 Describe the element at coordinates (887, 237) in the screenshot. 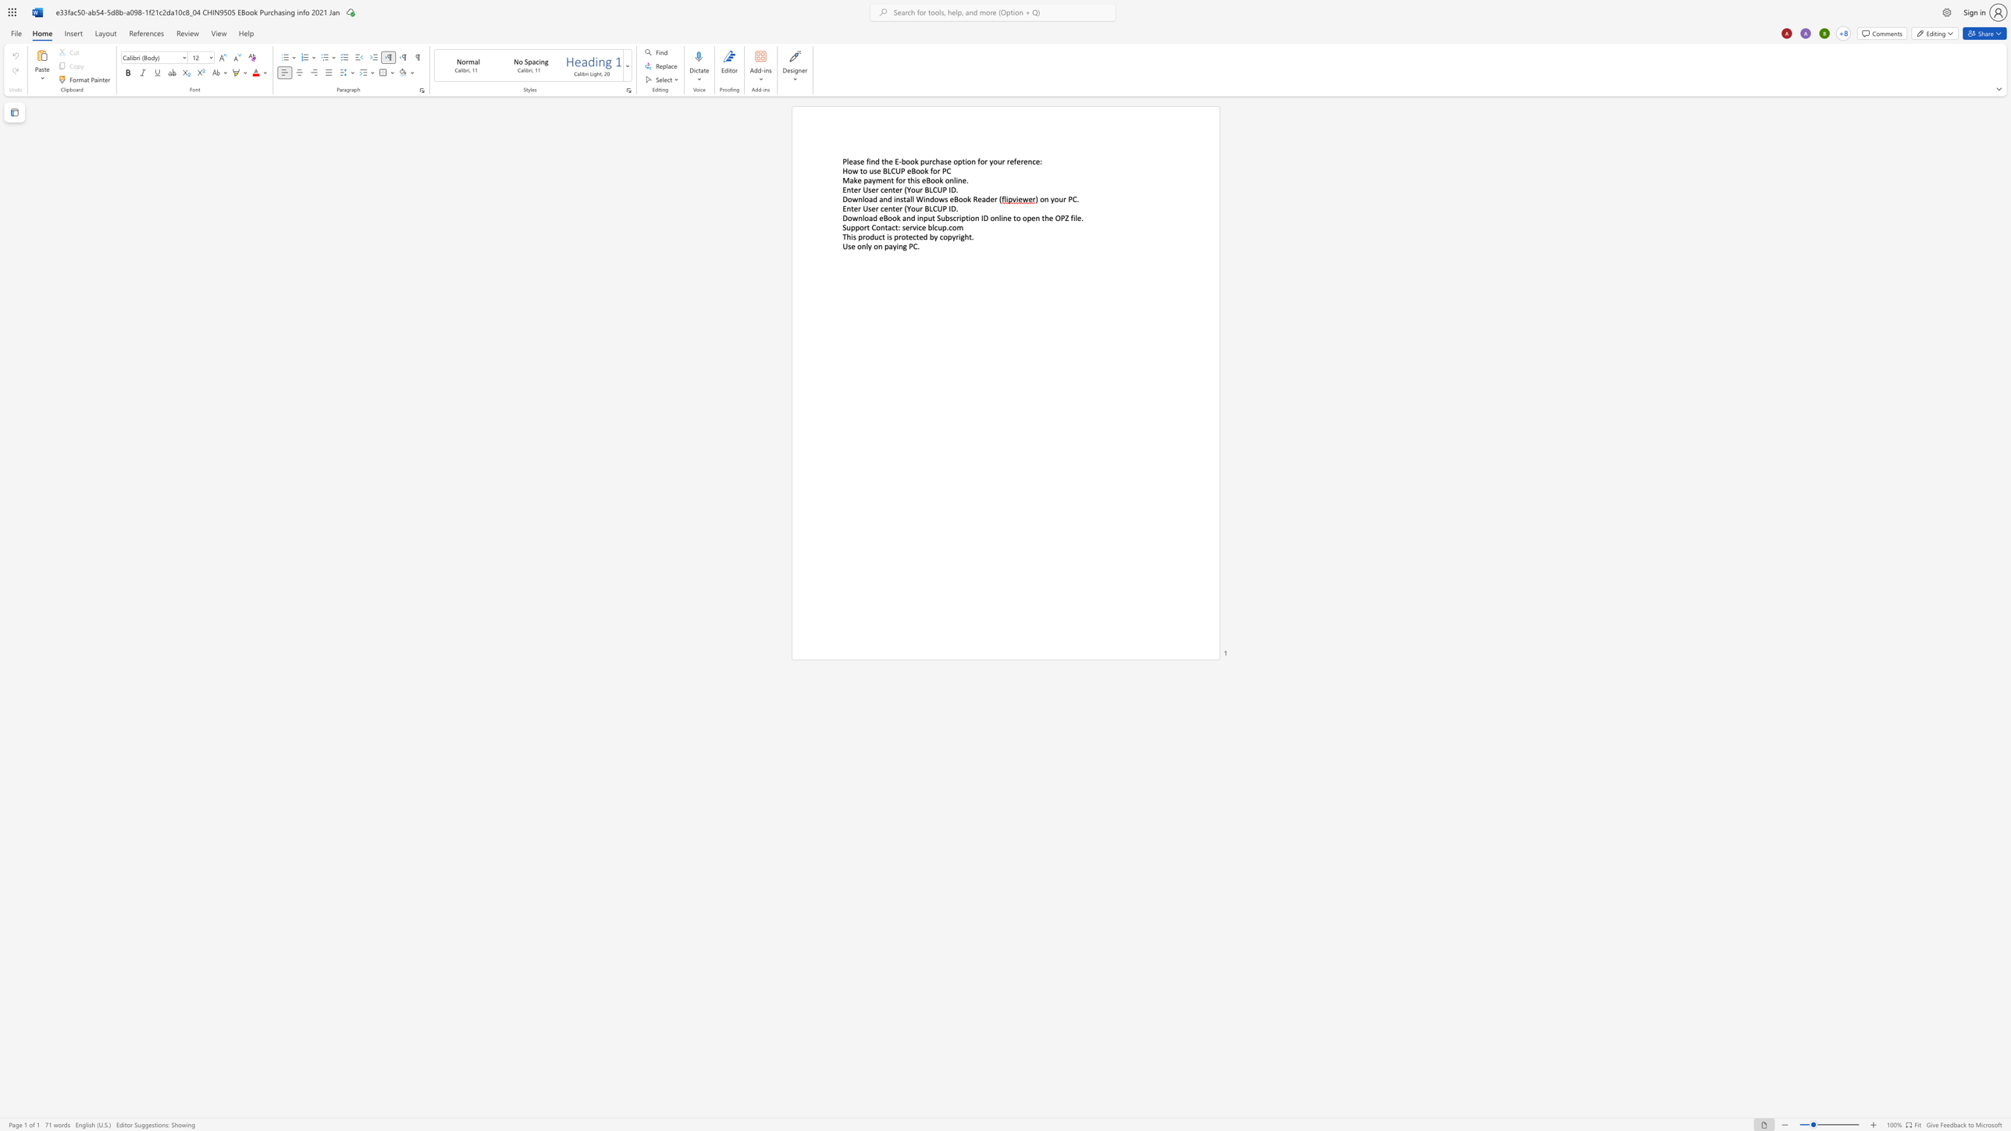

I see `the 2th character "i" in the text` at that location.